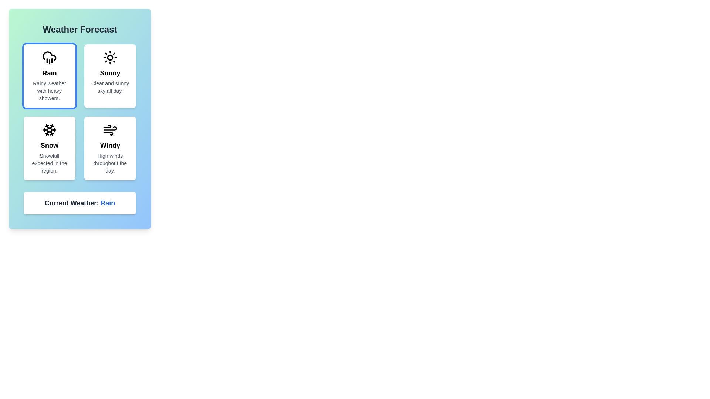 The width and height of the screenshot is (710, 399). Describe the element at coordinates (49, 57) in the screenshot. I see `the rain cloud icon representing 'Rainy weather with heavy showers' located in the top-left corner of the first weather card` at that location.